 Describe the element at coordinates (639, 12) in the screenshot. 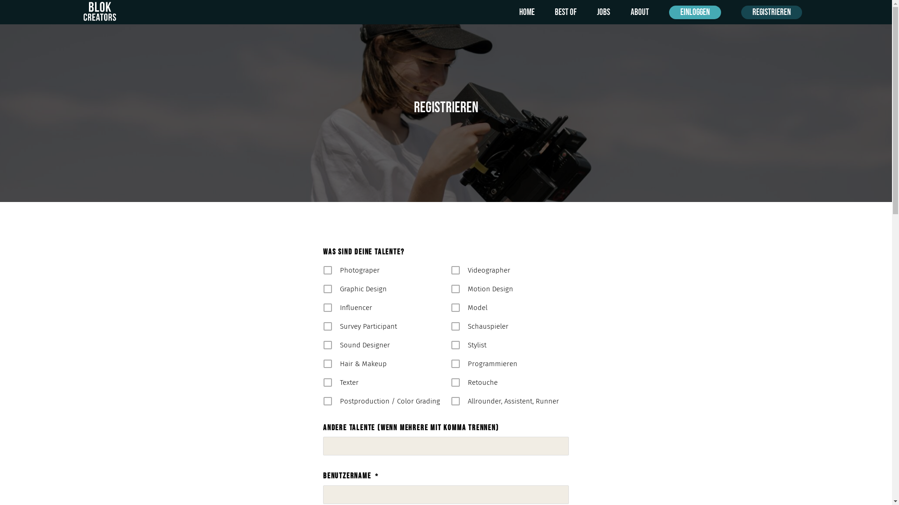

I see `'About'` at that location.